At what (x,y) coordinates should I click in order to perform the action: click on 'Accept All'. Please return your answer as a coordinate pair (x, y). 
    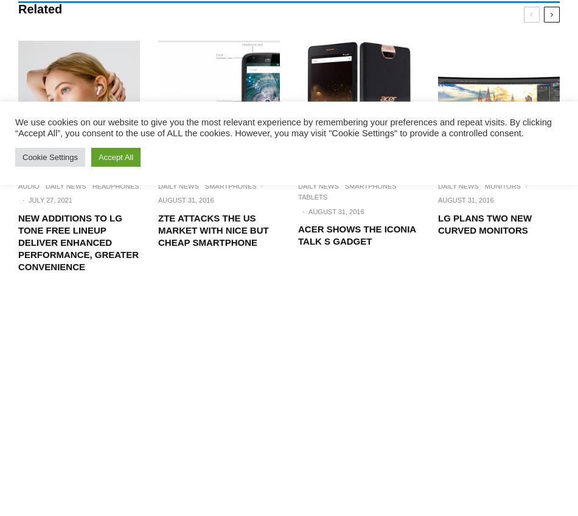
    Looking at the image, I should click on (98, 156).